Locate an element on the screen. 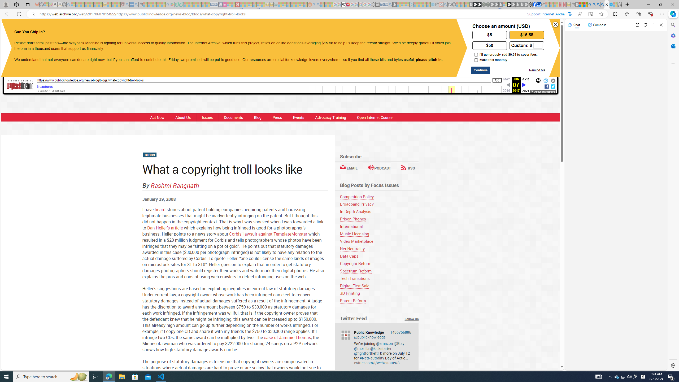 The width and height of the screenshot is (679, 382). 'Events' is located at coordinates (298, 117).